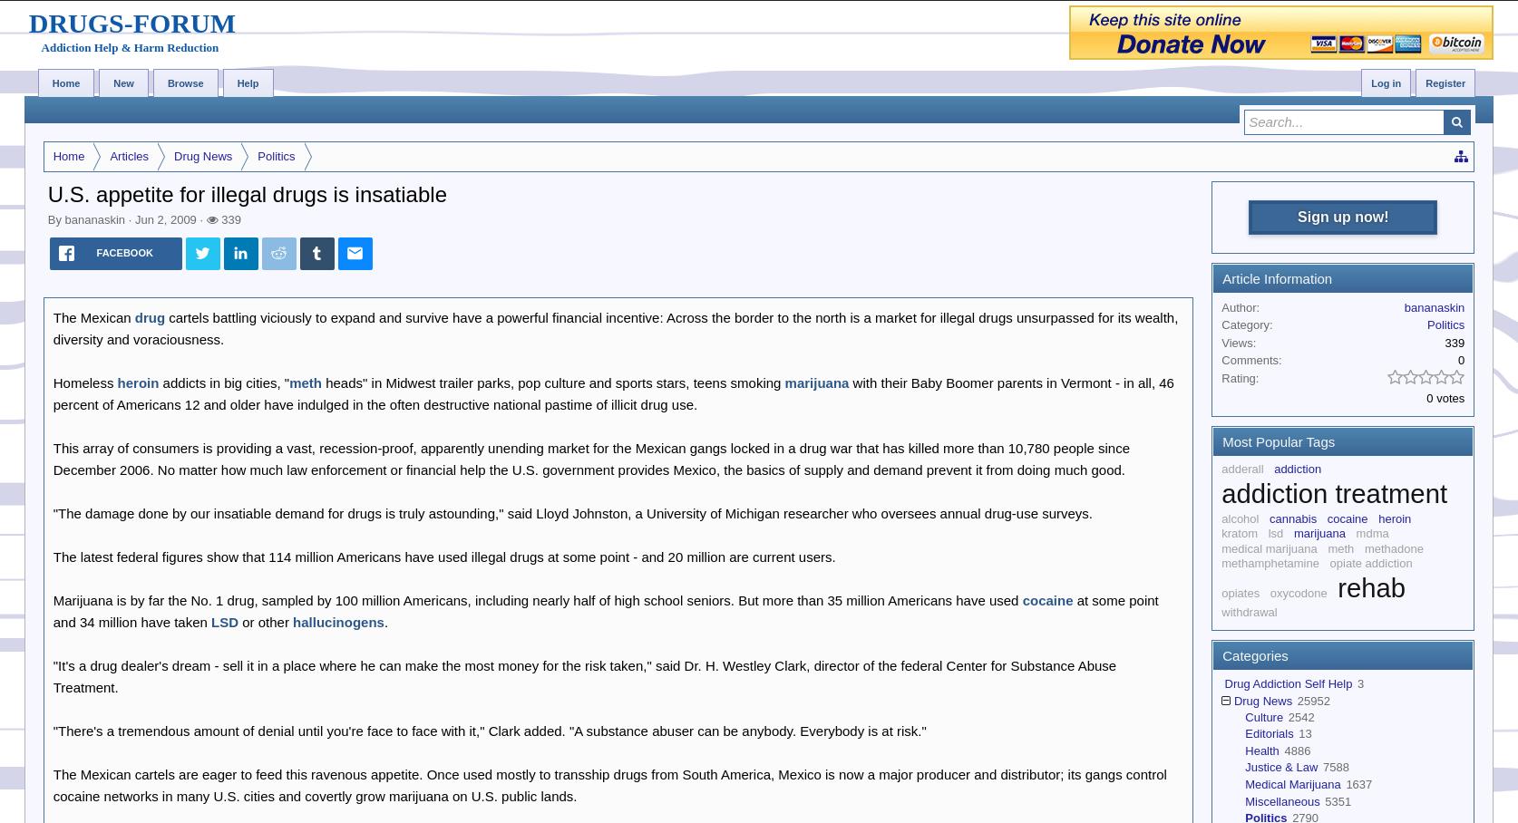 The width and height of the screenshot is (1518, 823). I want to click on 'heads" in Midwest trailer parks, pop culture and sports stars, teens smoking', so click(553, 382).